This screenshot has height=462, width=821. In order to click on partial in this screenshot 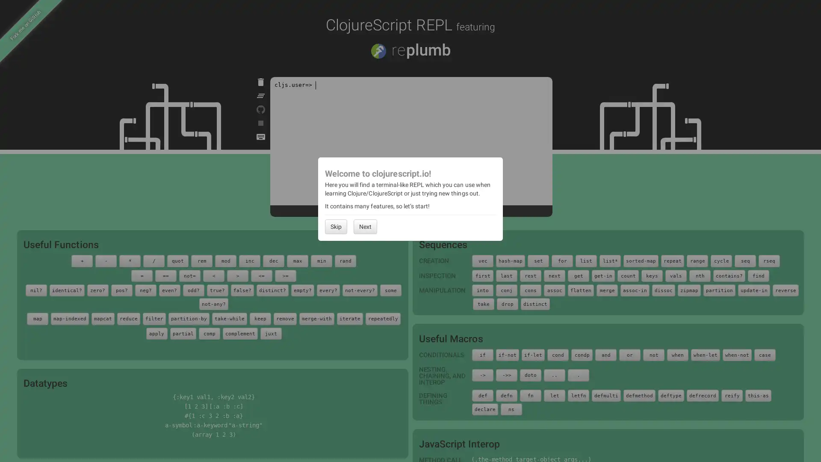, I will do `click(182, 333)`.